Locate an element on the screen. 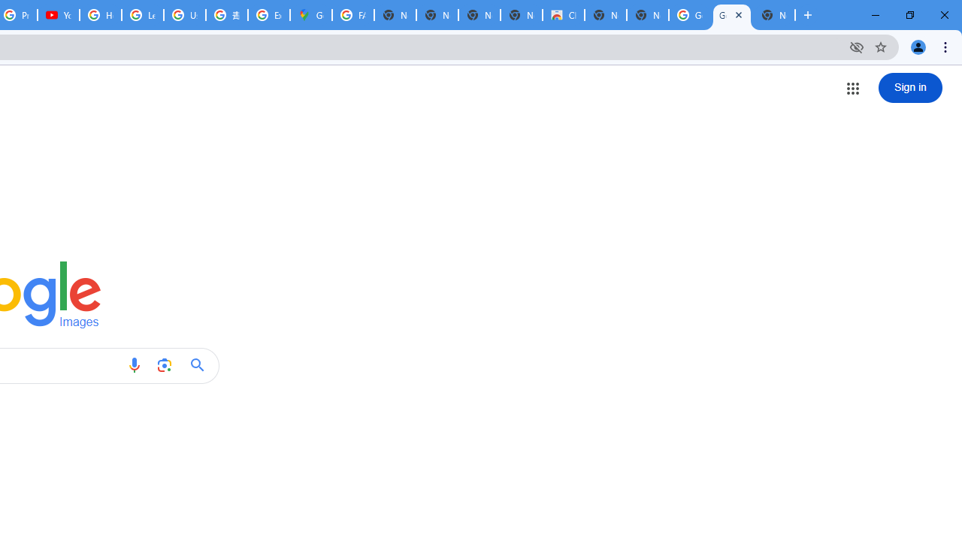  'Third-party cookies blocked' is located at coordinates (856, 46).